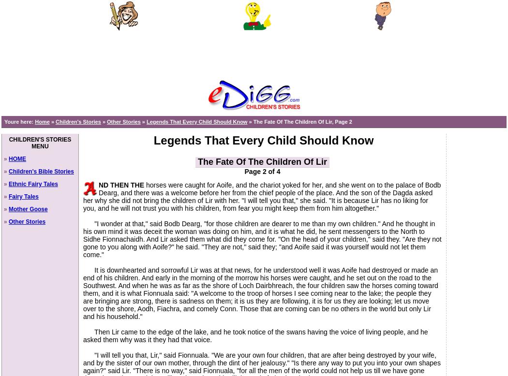  Describe the element at coordinates (262, 161) in the screenshot. I see `'The Fate Of The Children Of Lir'` at that location.